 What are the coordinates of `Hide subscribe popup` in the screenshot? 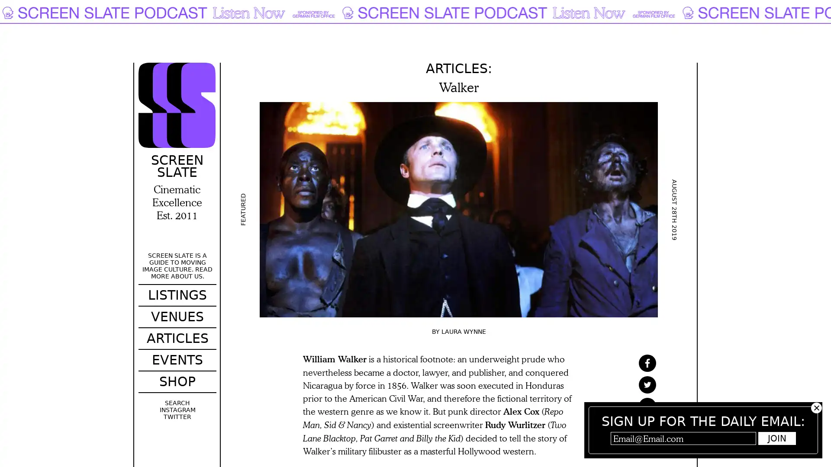 It's located at (816, 408).